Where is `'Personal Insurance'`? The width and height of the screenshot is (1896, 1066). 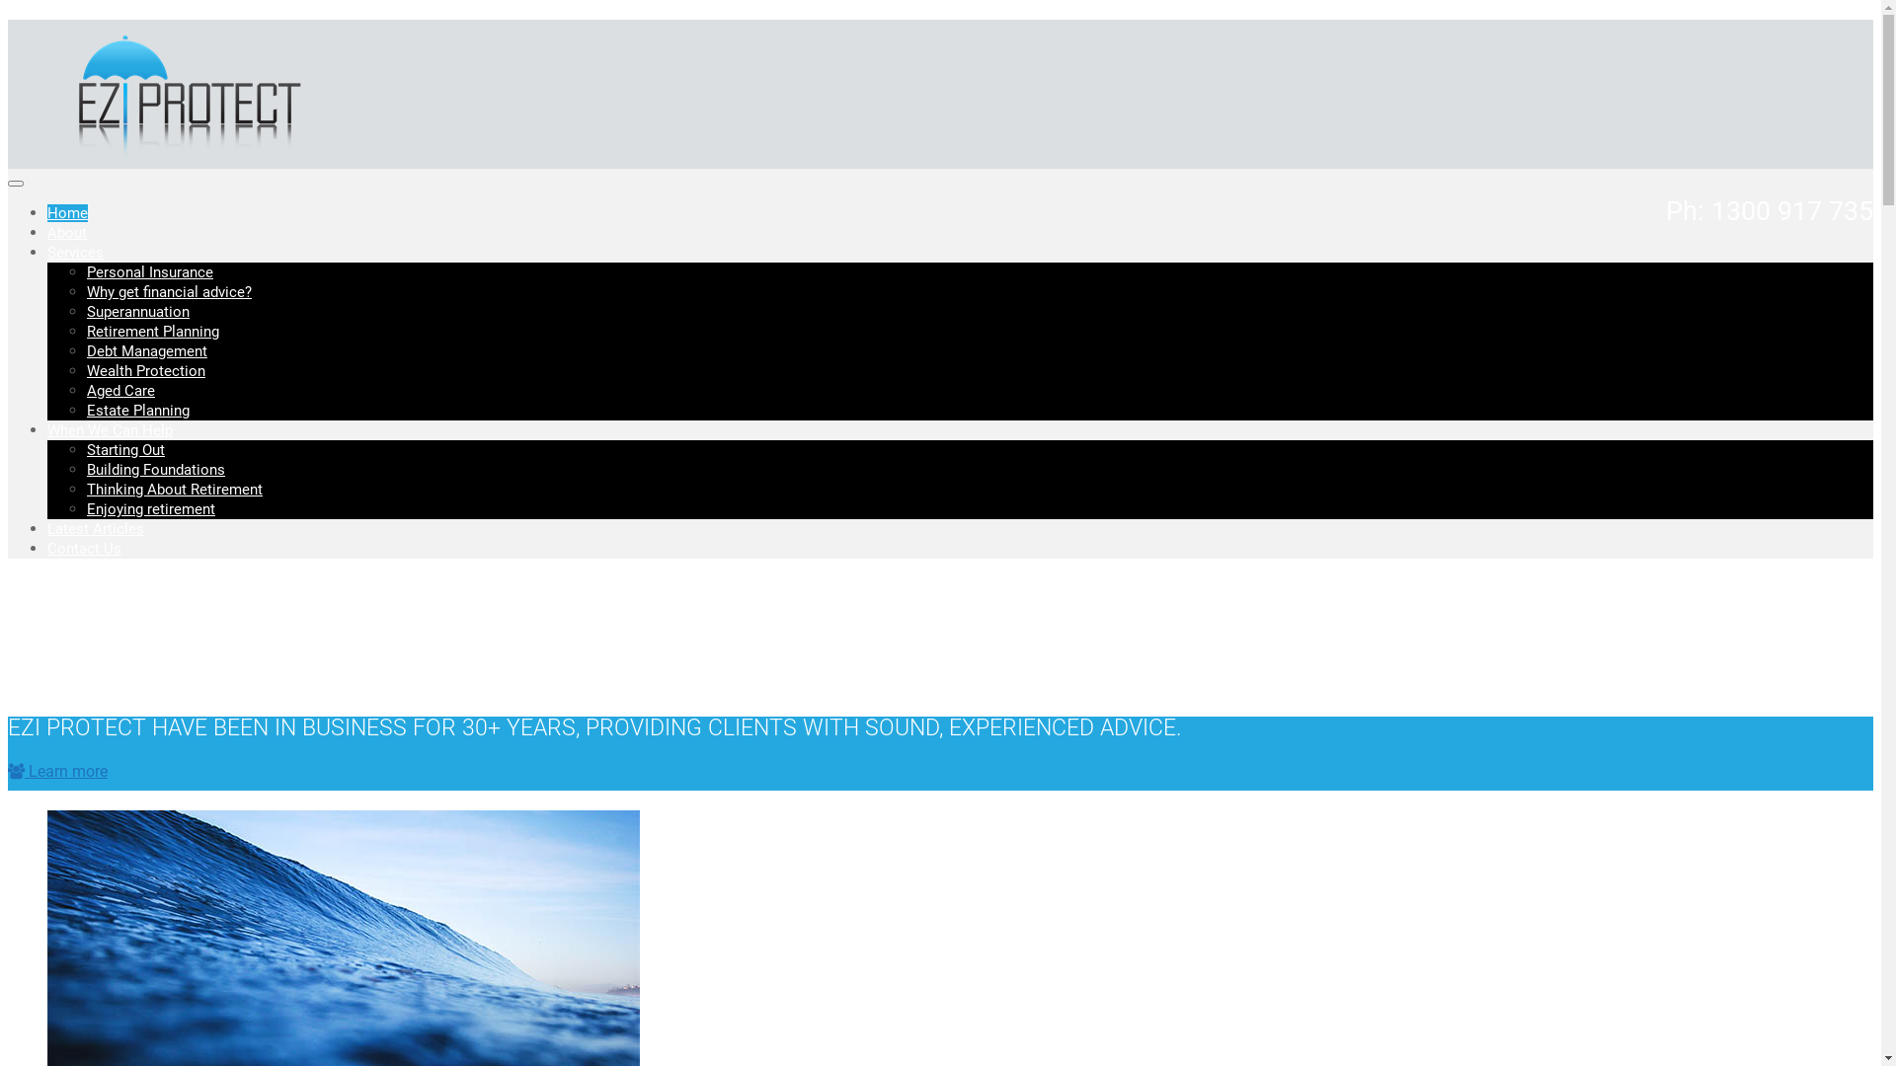 'Personal Insurance' is located at coordinates (149, 272).